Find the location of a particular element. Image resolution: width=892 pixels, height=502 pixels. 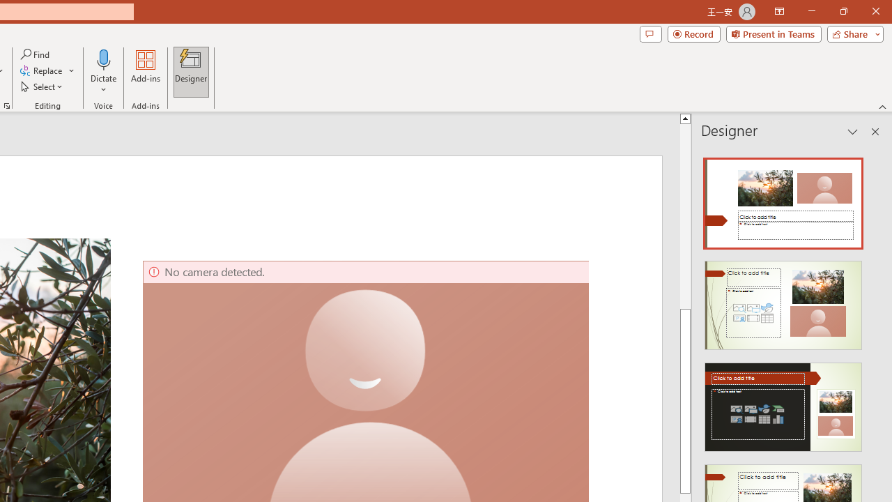

'Select' is located at coordinates (43, 86).